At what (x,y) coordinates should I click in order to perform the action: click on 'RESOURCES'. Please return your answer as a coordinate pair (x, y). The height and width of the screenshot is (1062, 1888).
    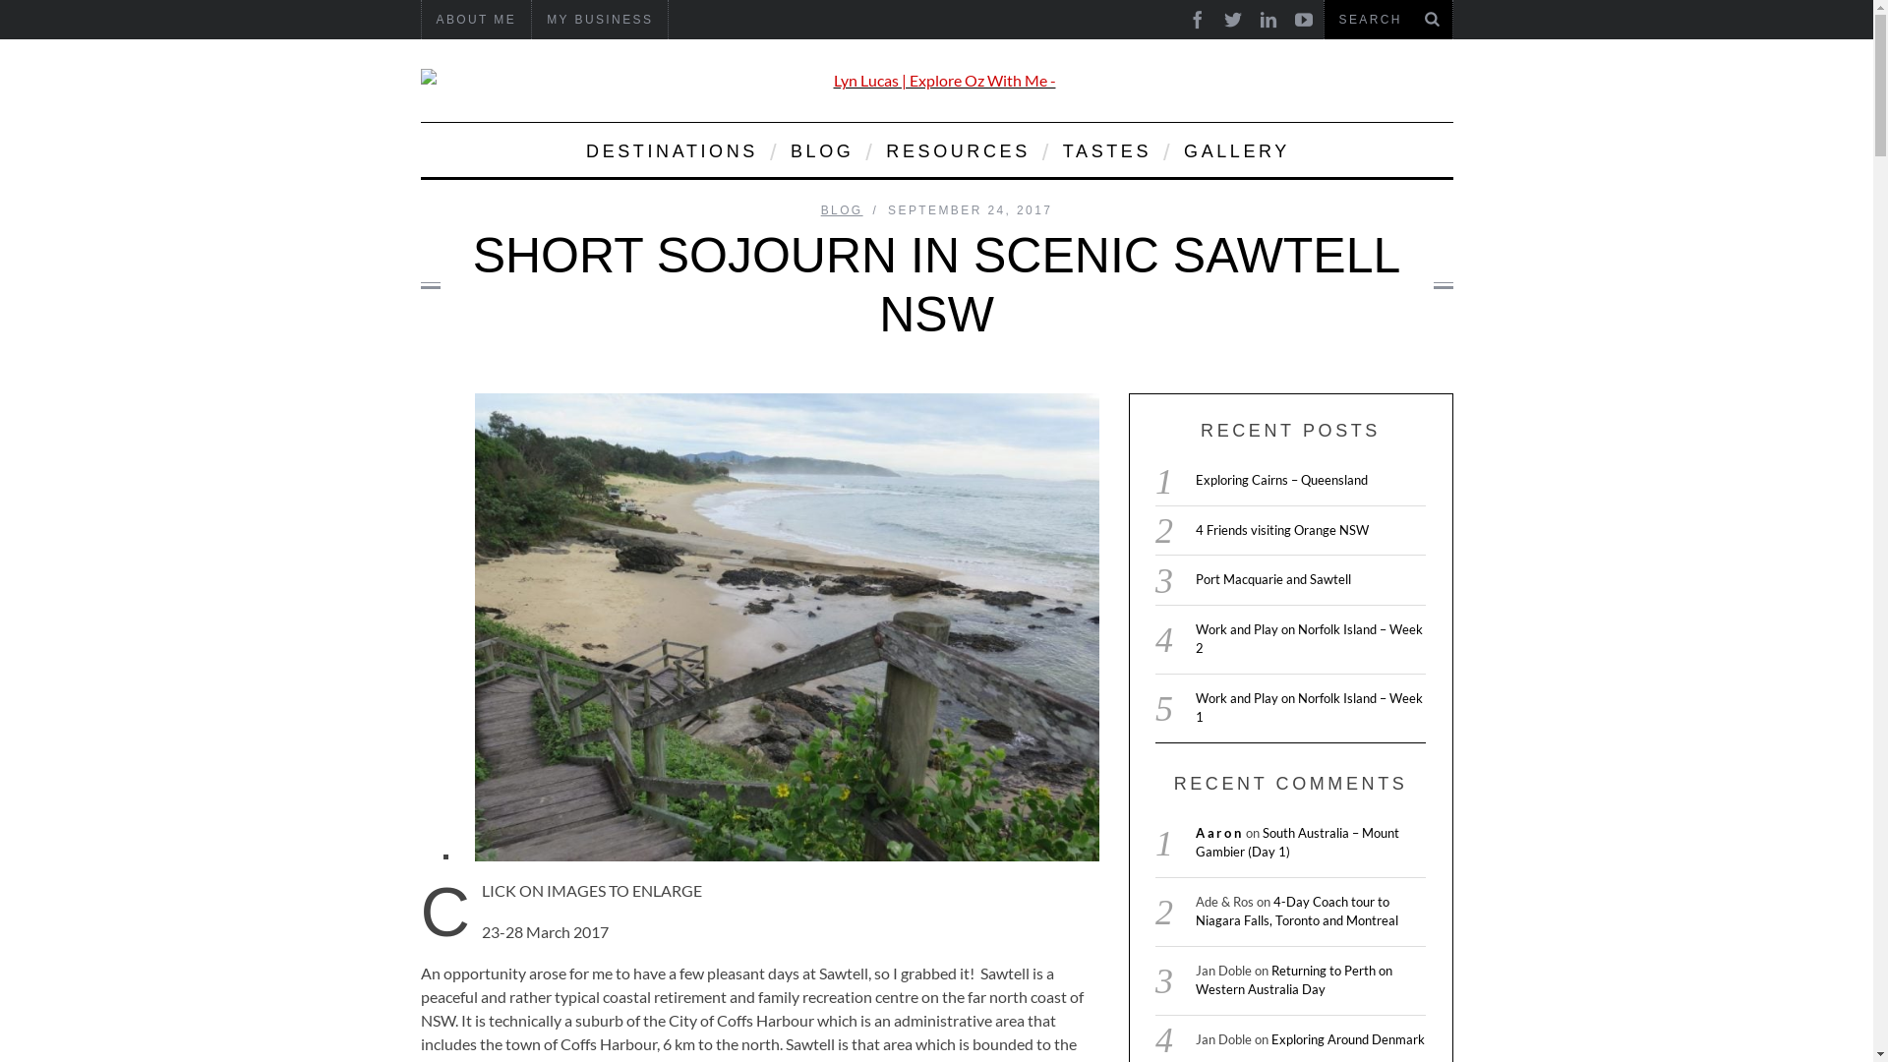
    Looking at the image, I should click on (870, 148).